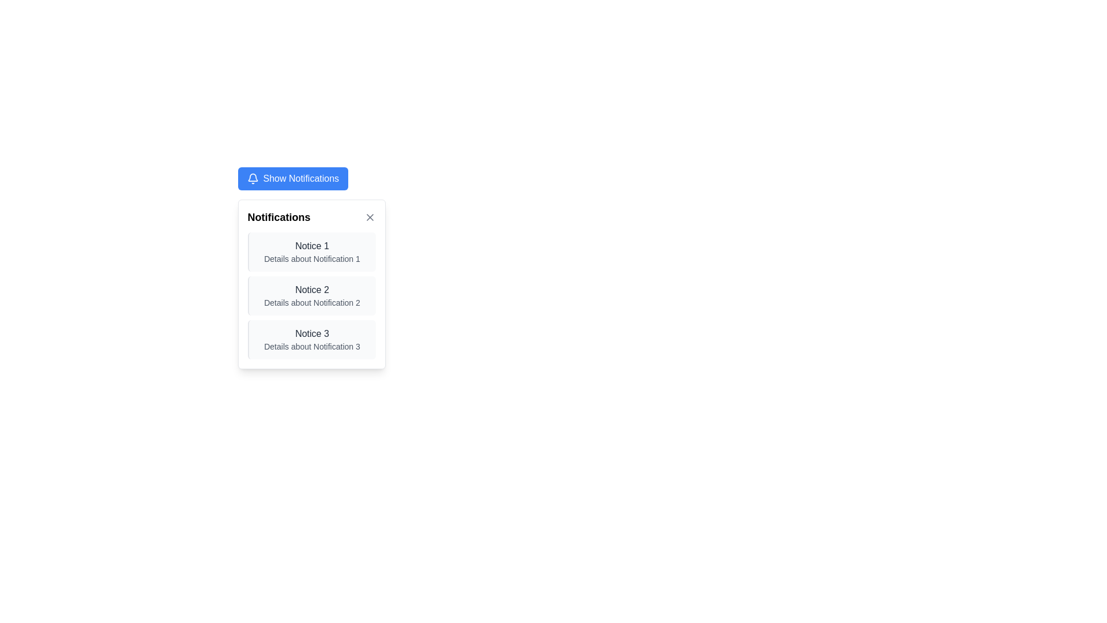 The width and height of the screenshot is (1107, 623). I want to click on the title text of the third notification in the notification list, which is positioned at the top of the last item in the vertical stack, so click(312, 333).